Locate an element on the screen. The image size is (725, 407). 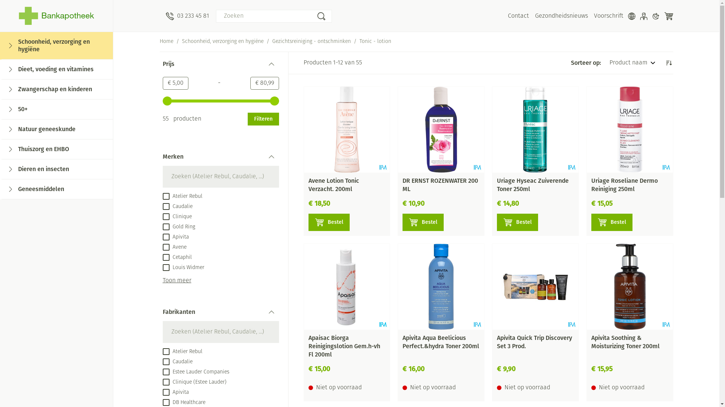
'Uriage Hyseac Zuiverende Toner 250ml' is located at coordinates (532, 185).